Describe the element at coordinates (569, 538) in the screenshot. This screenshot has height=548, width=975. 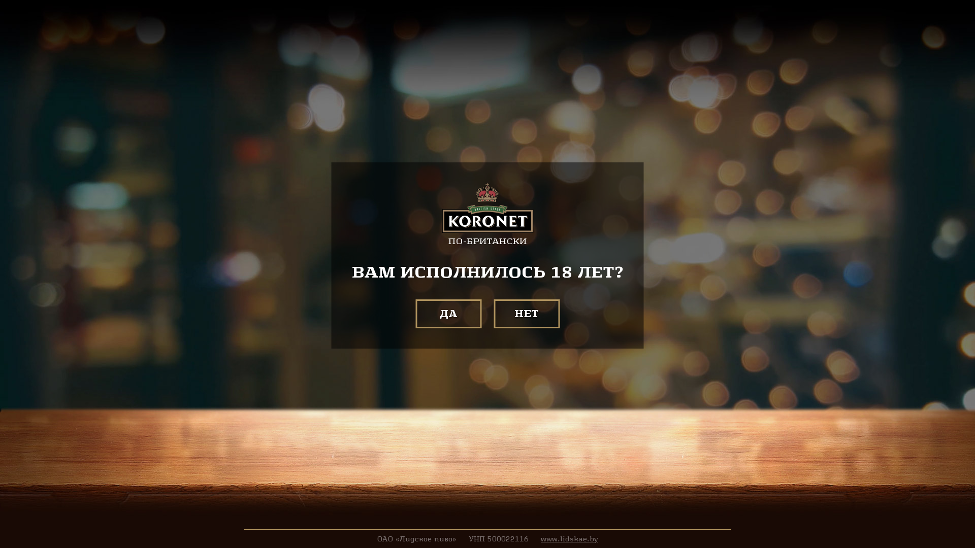
I see `'www.lidskae.by'` at that location.